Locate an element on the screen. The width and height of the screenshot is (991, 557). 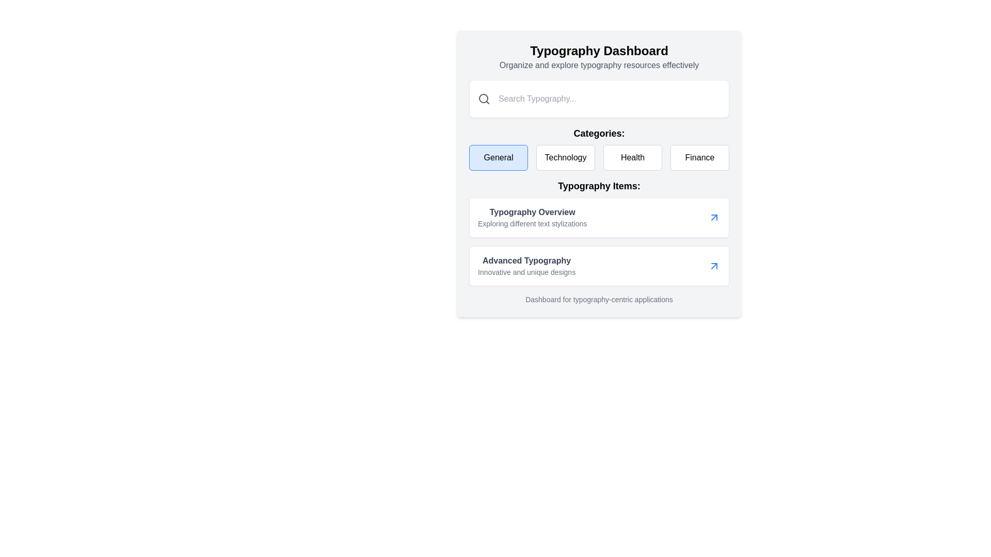
the title of the Text block in the Typography Items list is located at coordinates (526, 266).